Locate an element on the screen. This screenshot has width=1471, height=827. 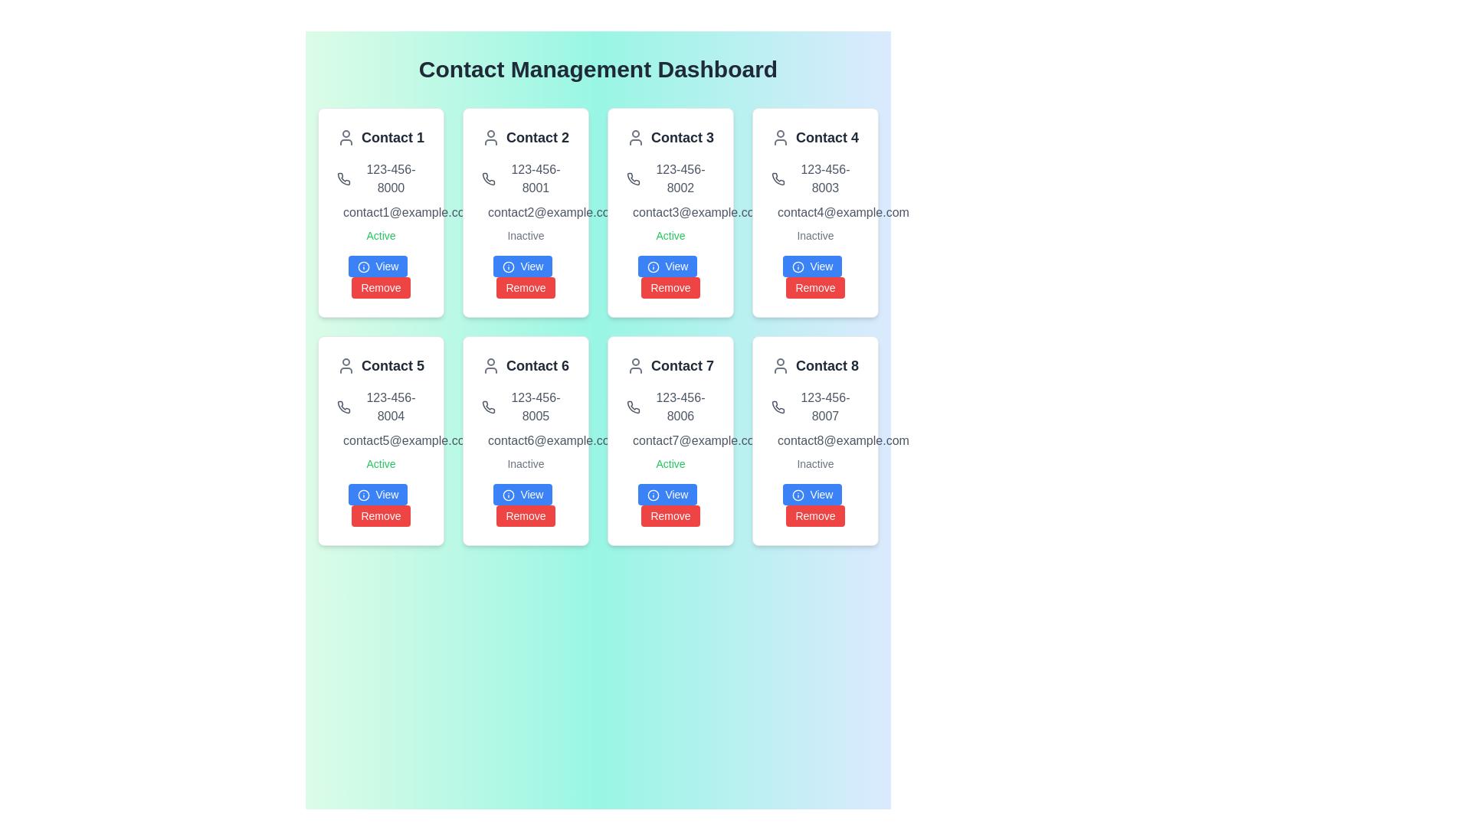
the phone number icon located in the 'Contact 4' card, which is positioned in the fourth column of the first row in the grid layout is located at coordinates (778, 178).